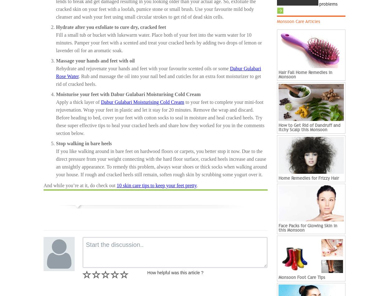 The image size is (389, 296). I want to click on 'problems', so click(319, 4).